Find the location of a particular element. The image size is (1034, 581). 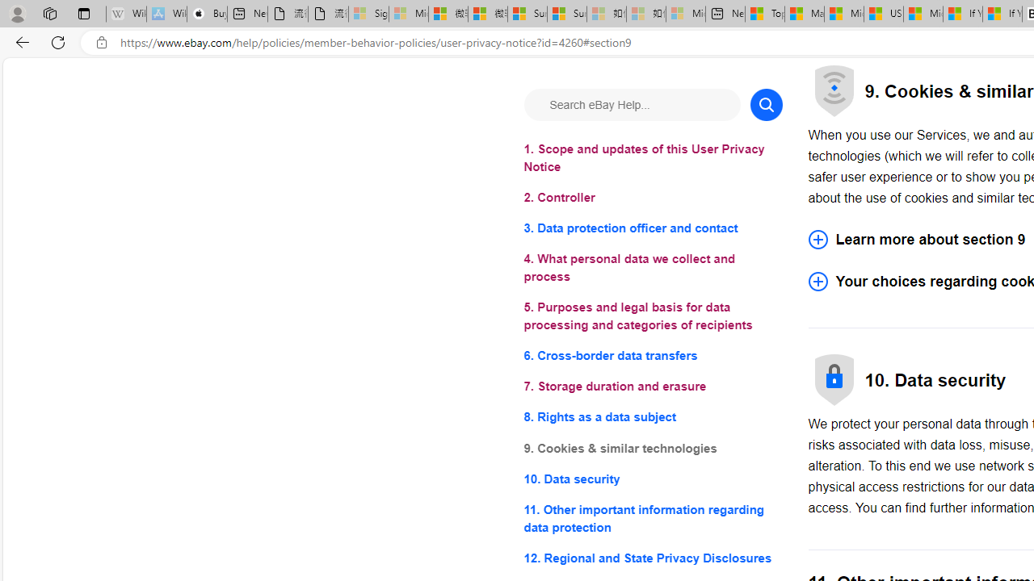

'Marine life - MSN' is located at coordinates (804, 14).